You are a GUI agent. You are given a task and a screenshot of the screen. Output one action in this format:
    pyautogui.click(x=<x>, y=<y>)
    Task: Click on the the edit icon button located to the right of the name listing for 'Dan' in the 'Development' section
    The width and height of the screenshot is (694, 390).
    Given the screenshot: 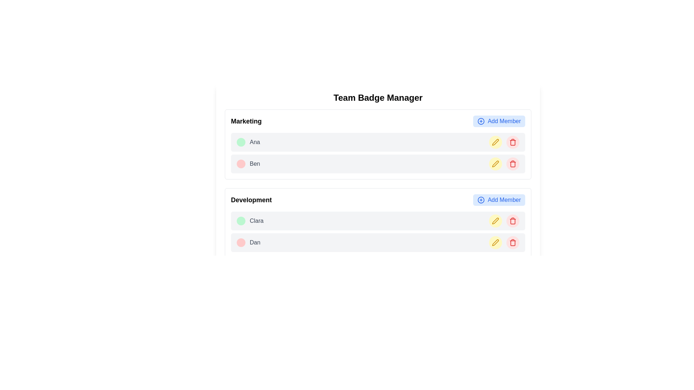 What is the action you would take?
    pyautogui.click(x=495, y=242)
    